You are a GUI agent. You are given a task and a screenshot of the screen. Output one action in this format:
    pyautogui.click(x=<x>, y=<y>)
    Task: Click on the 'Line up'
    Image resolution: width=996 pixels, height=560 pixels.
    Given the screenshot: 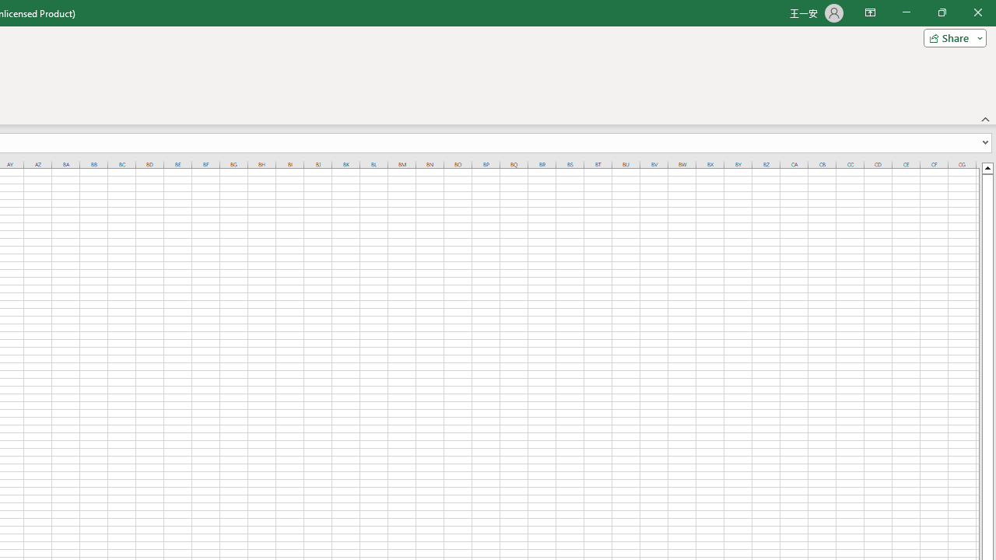 What is the action you would take?
    pyautogui.click(x=987, y=167)
    